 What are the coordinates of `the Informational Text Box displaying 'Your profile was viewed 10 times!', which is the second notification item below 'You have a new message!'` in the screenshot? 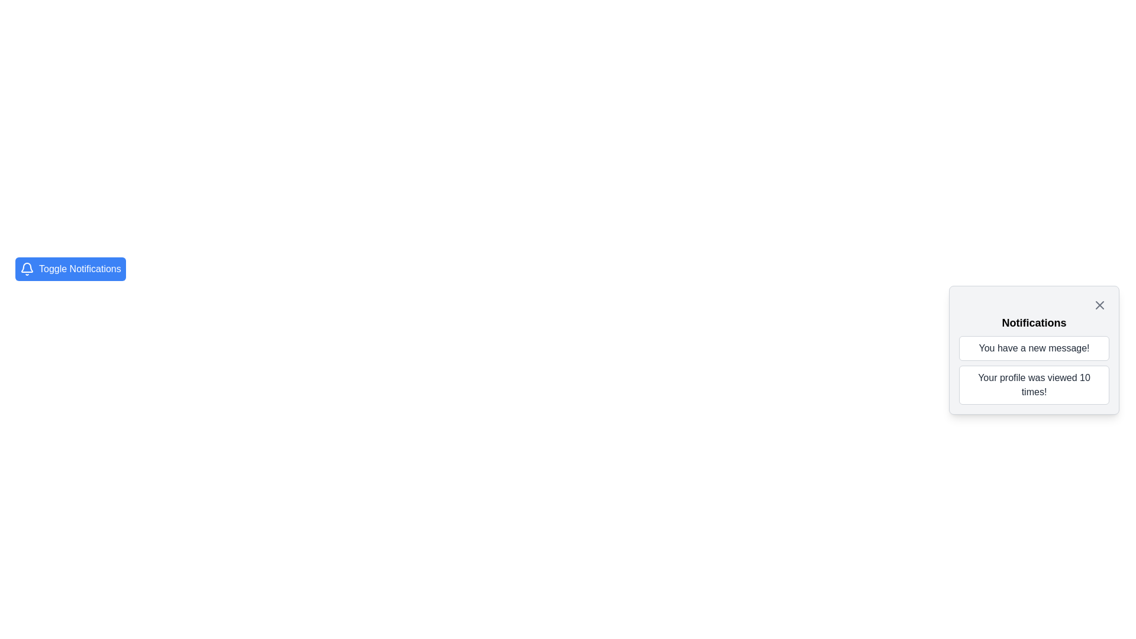 It's located at (1033, 385).